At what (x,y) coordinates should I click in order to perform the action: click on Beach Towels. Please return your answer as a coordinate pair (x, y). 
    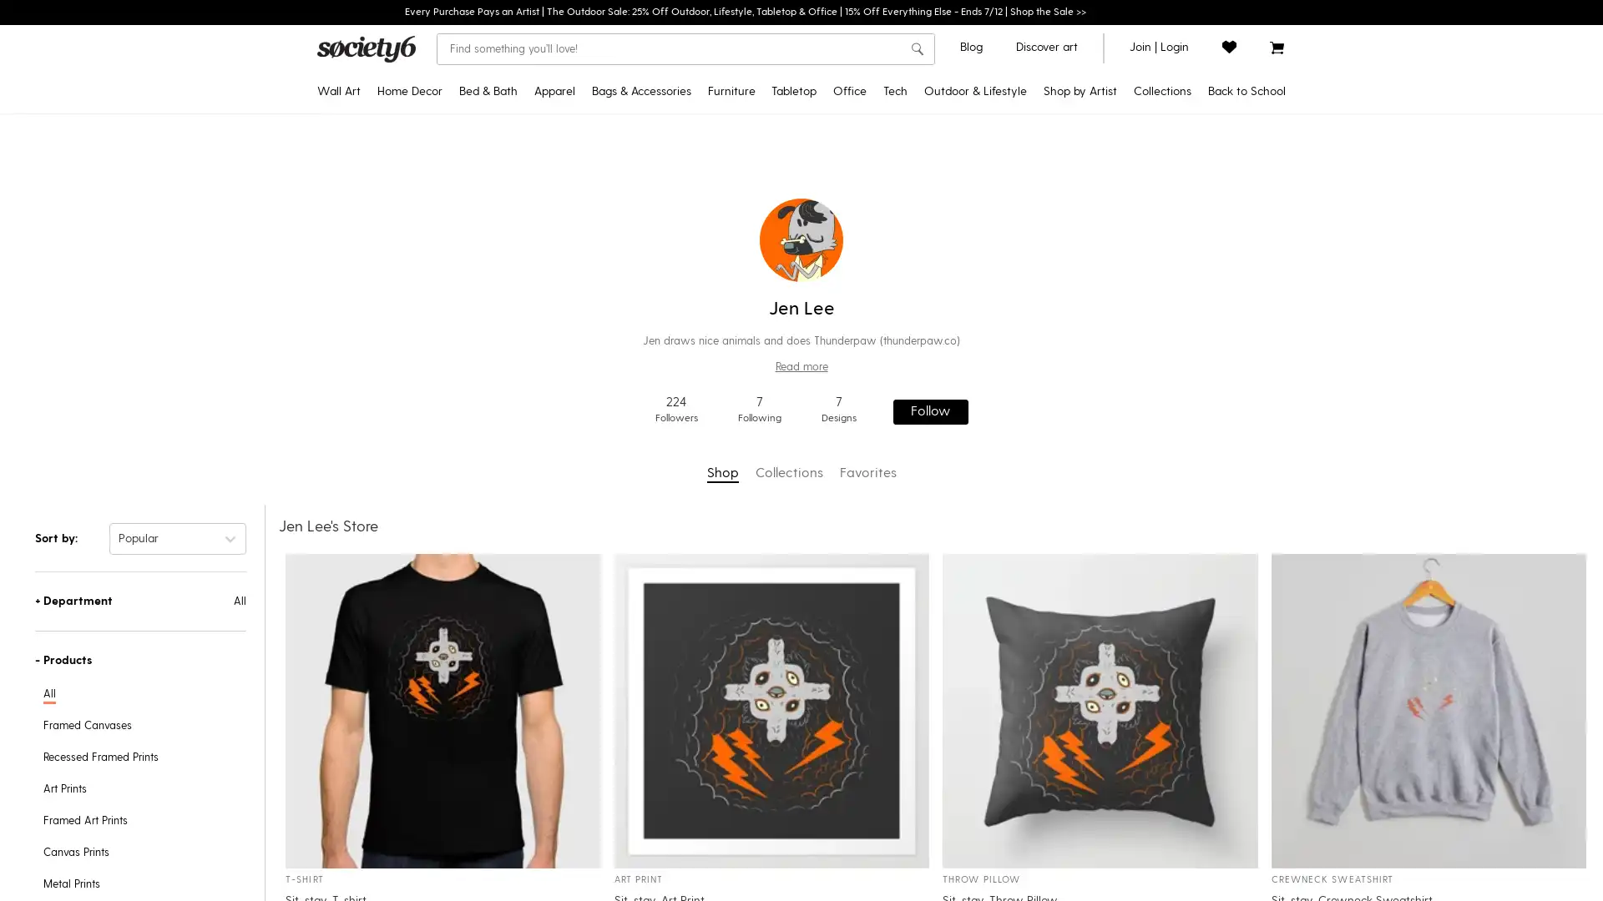
    Looking at the image, I should click on (999, 376).